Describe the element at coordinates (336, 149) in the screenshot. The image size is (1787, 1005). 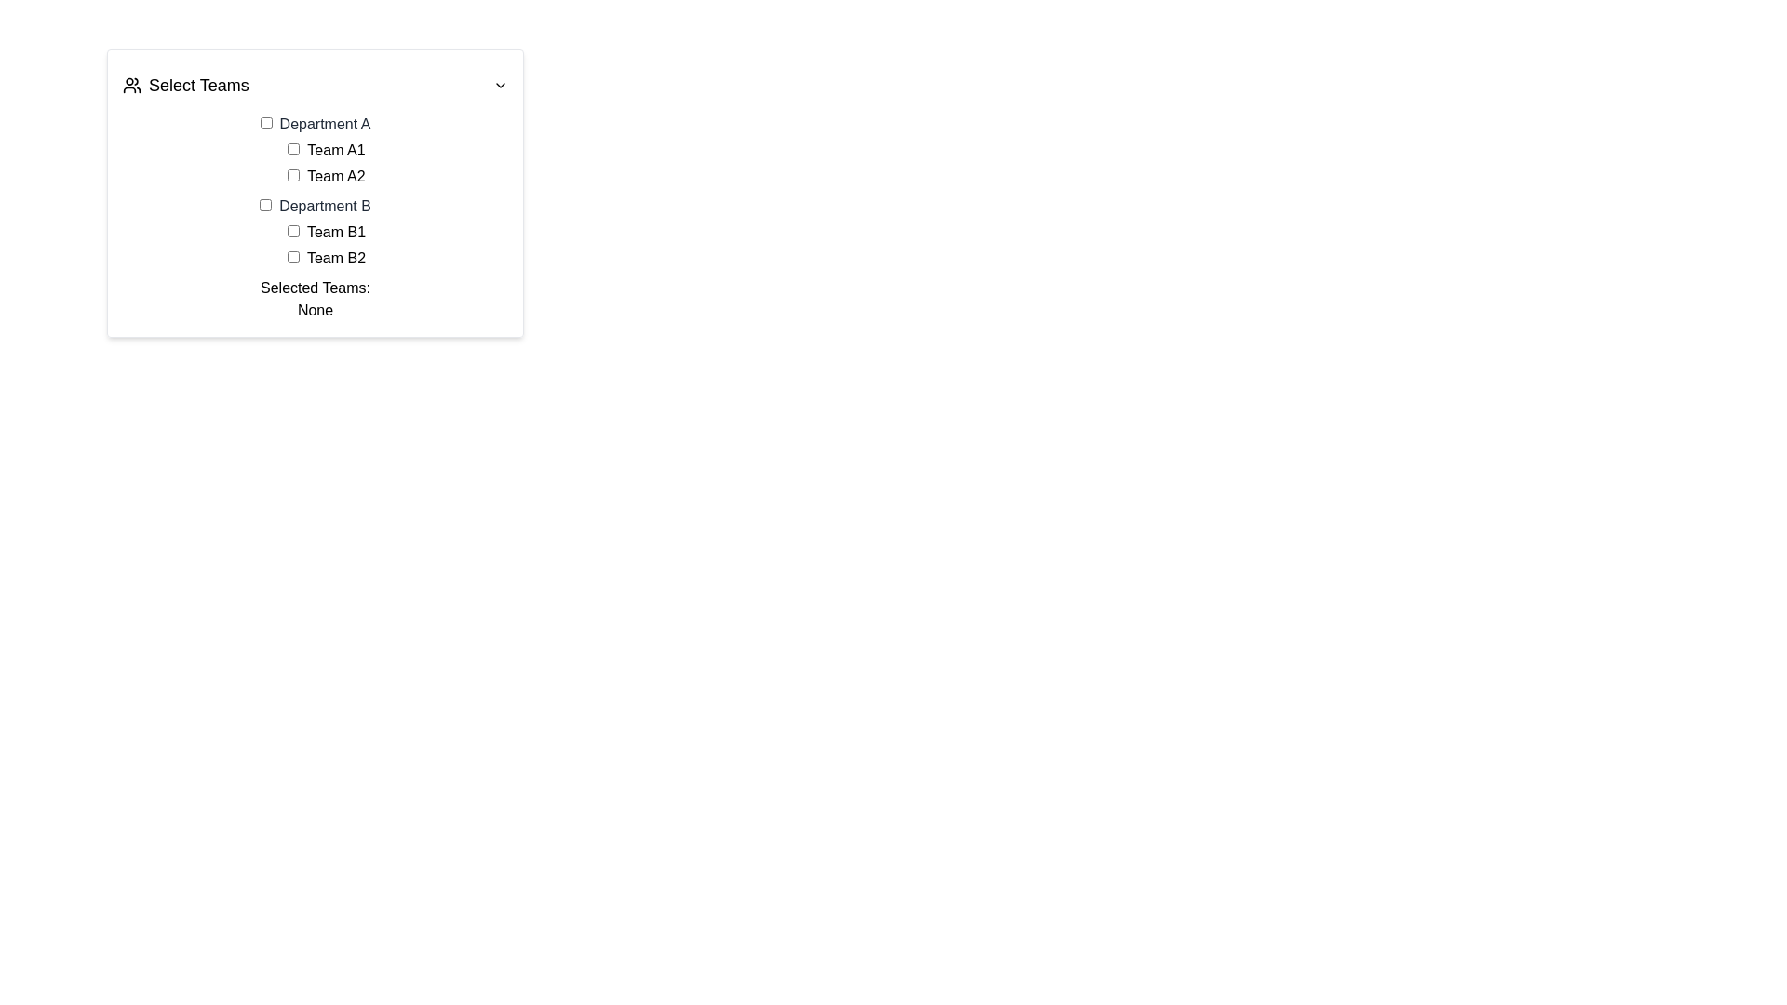
I see `the text label displaying 'Team A1', which is located below the header 'Department A' and to the right of its associated checkbox` at that location.